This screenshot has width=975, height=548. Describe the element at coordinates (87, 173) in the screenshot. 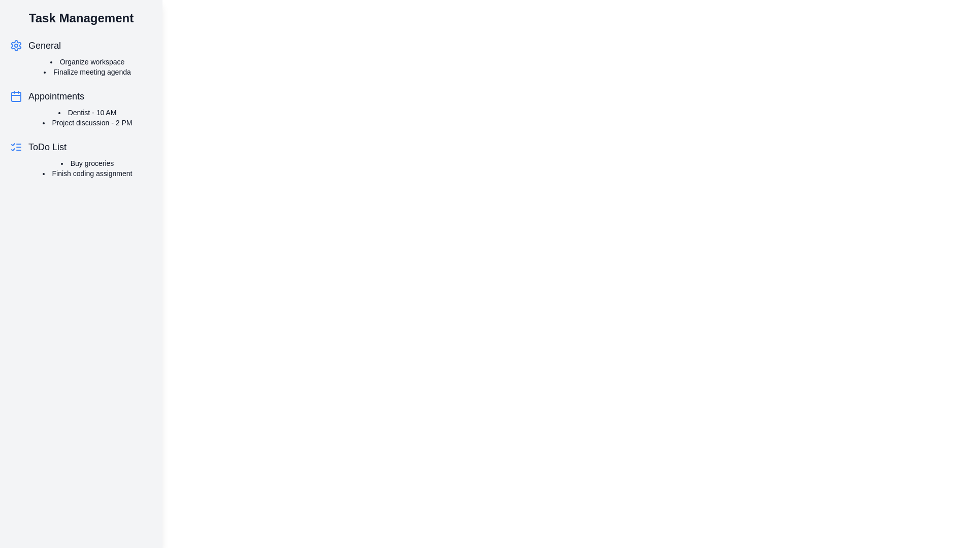

I see `the task text Finish coding assignment to open the task` at that location.